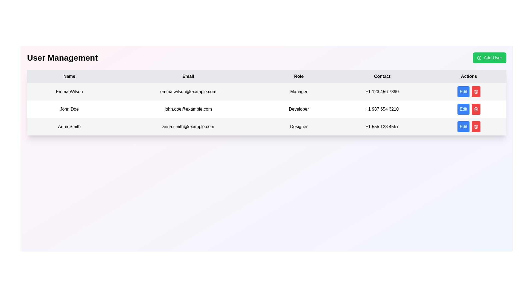  Describe the element at coordinates (382, 126) in the screenshot. I see `the Label displaying the phone number '+1 555 123 4567' located in the 'Contact' column of the third row of the table, aligned with 'Anna Smith', 'anna.smith@example.com', and 'Designer'` at that location.